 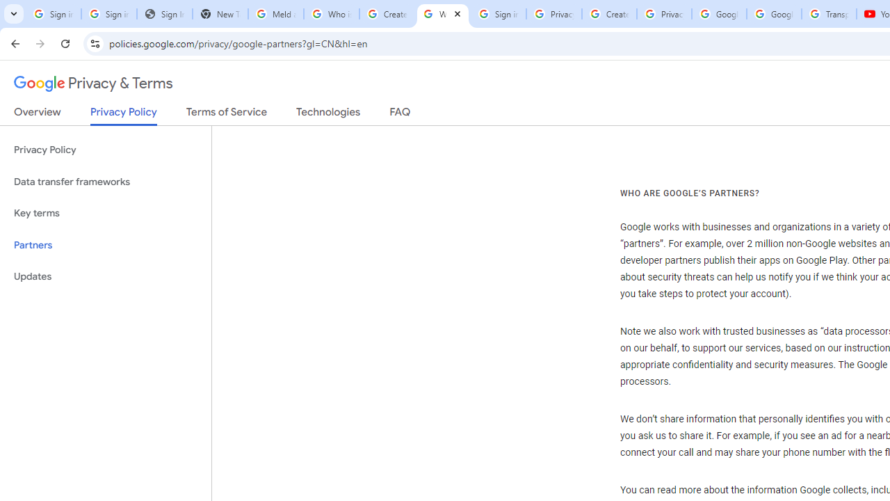 I want to click on 'Sign In - USA TODAY', so click(x=164, y=14).